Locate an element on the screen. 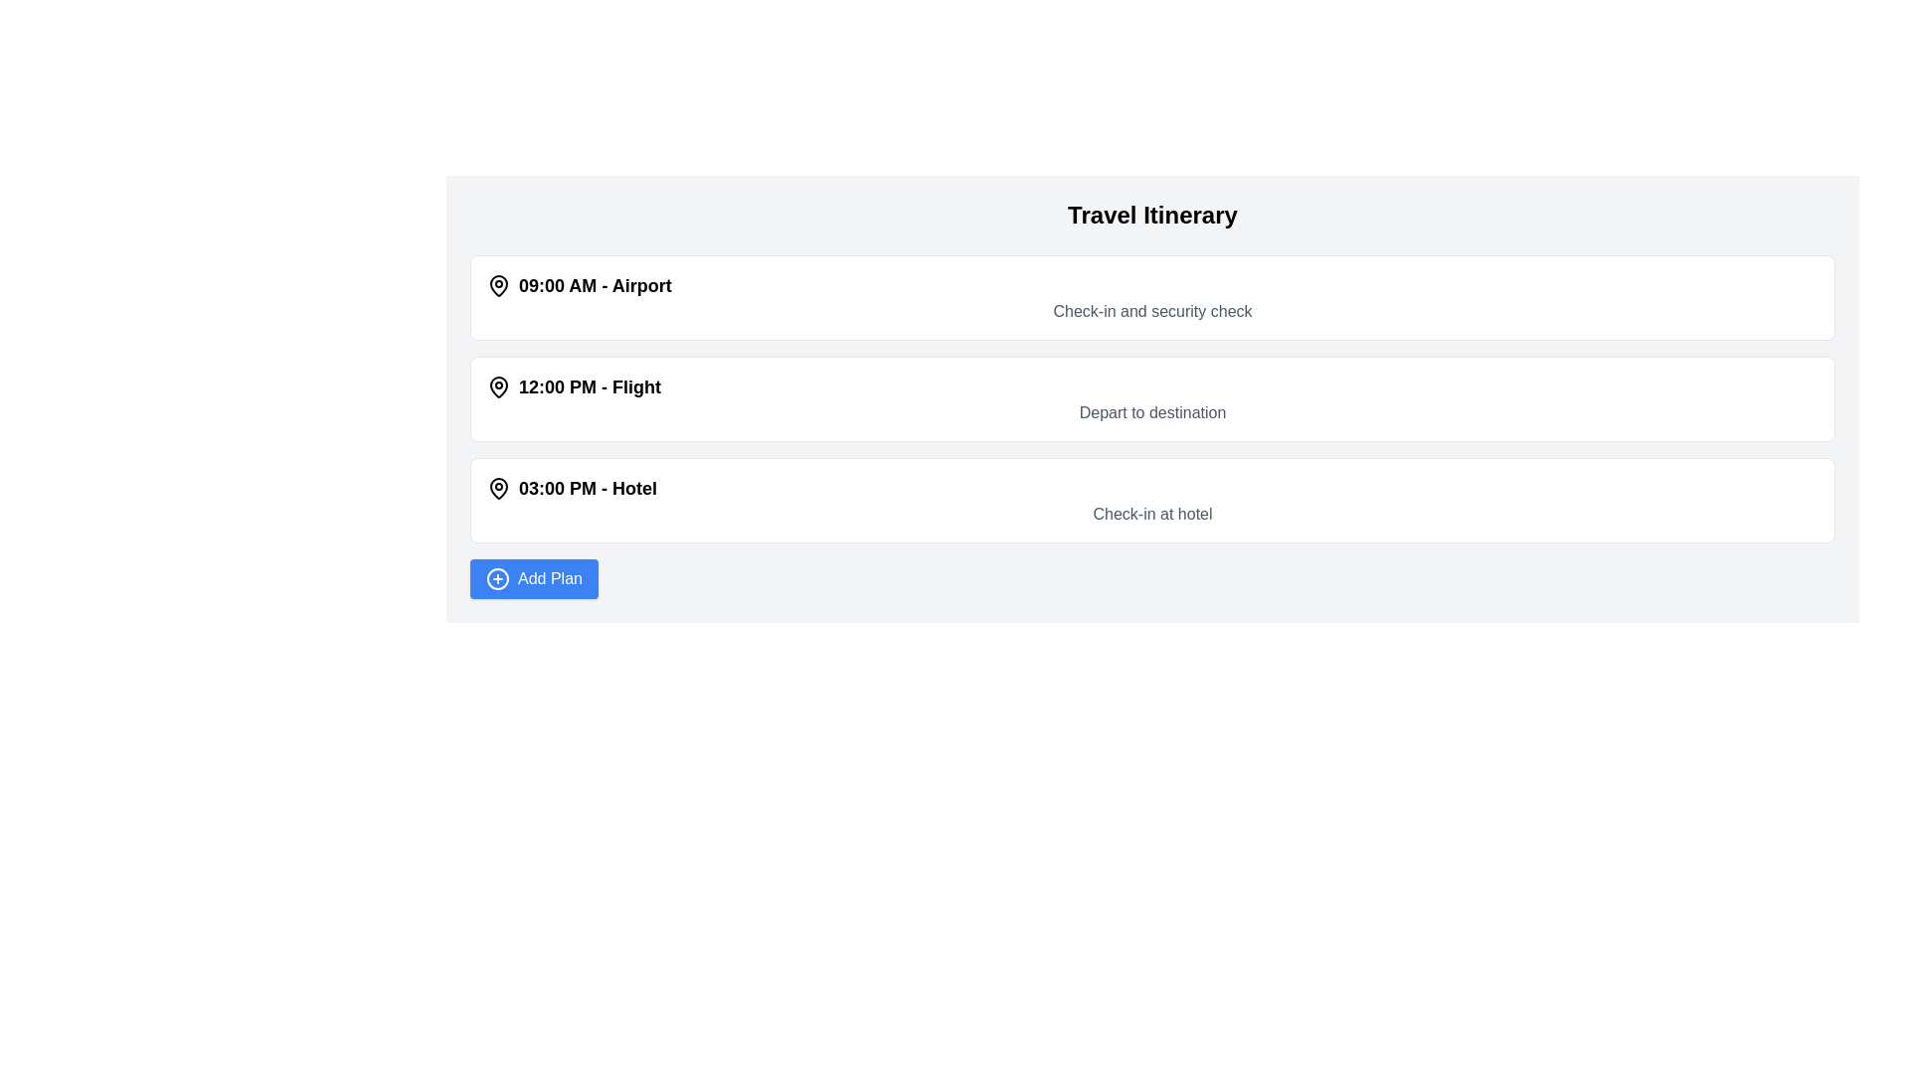 The image size is (1909, 1073). the 'Add Plan' button with a blue background and a white text, positioned at the bottom of the itinerary items list is located at coordinates (534, 578).